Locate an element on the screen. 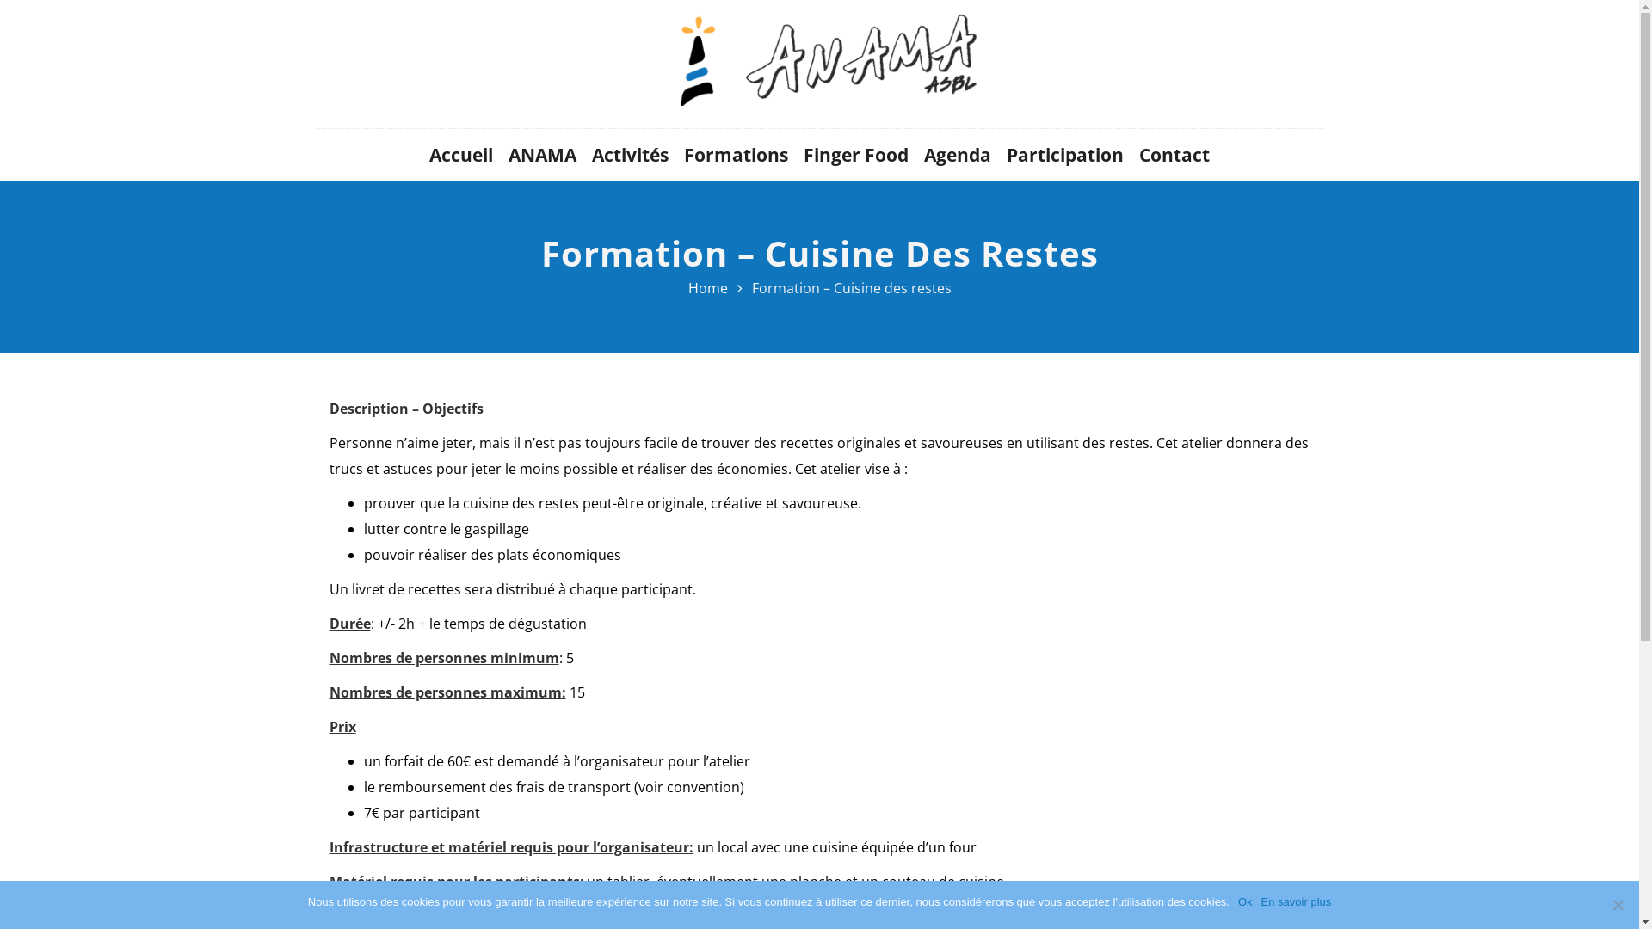  'Finger Food' is located at coordinates (803, 155).